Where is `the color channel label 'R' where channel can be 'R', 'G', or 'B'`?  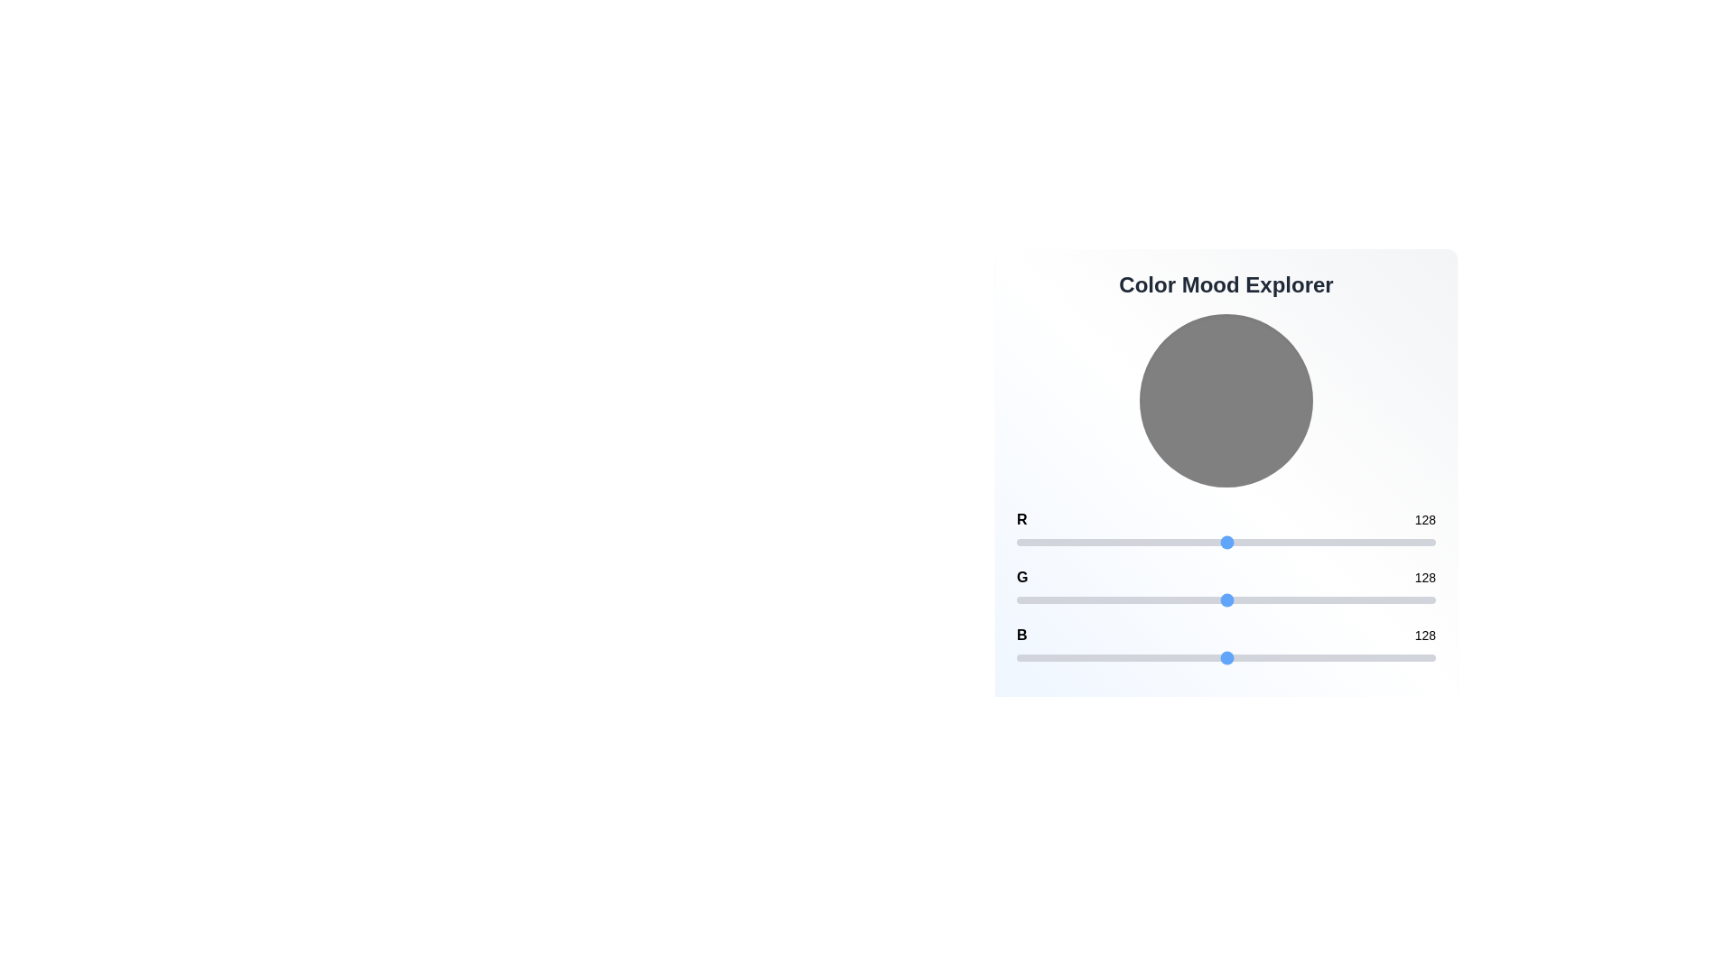
the color channel label 'R' where channel can be 'R', 'G', or 'B' is located at coordinates (1021, 519).